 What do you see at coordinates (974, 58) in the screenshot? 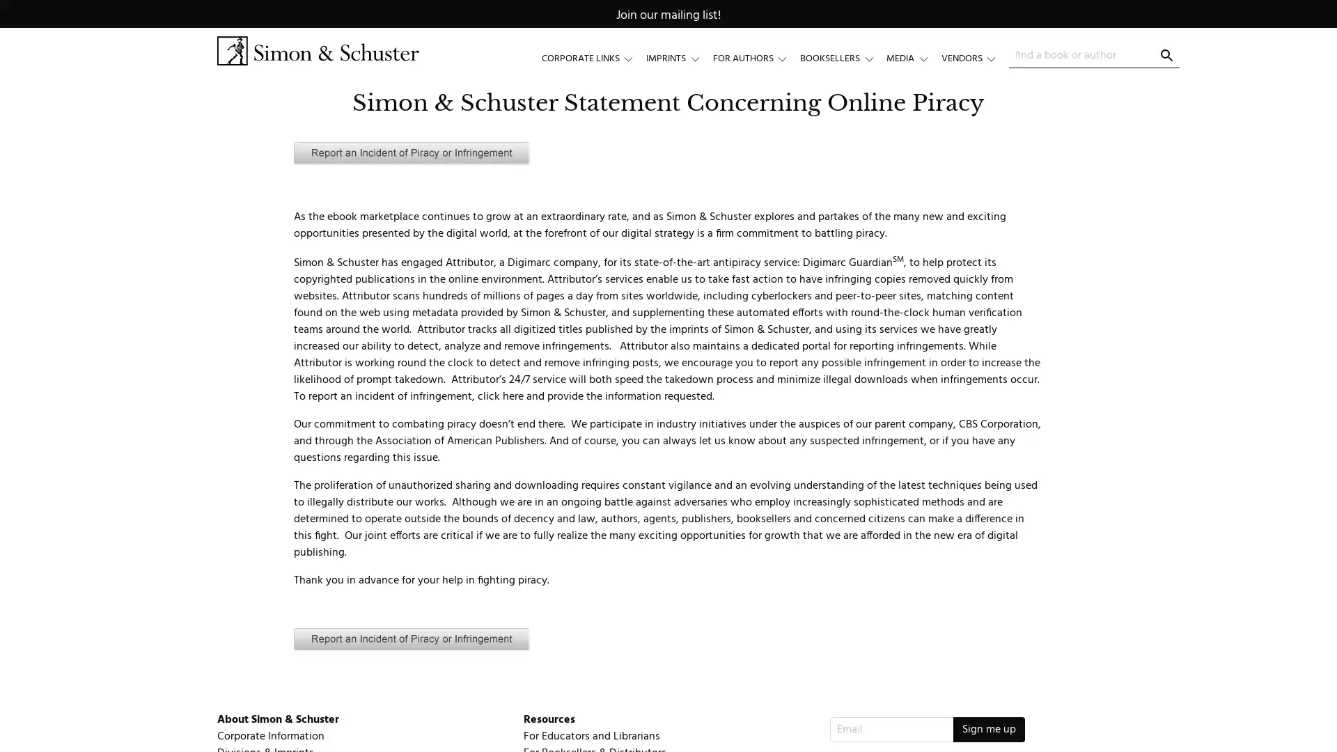
I see `VENDORS` at bounding box center [974, 58].